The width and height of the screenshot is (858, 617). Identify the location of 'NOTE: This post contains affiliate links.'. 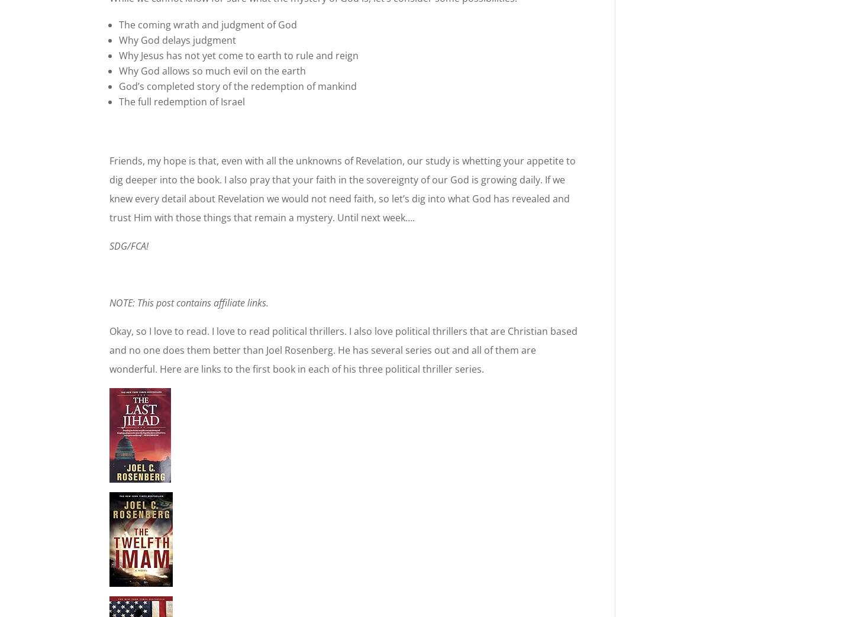
(109, 302).